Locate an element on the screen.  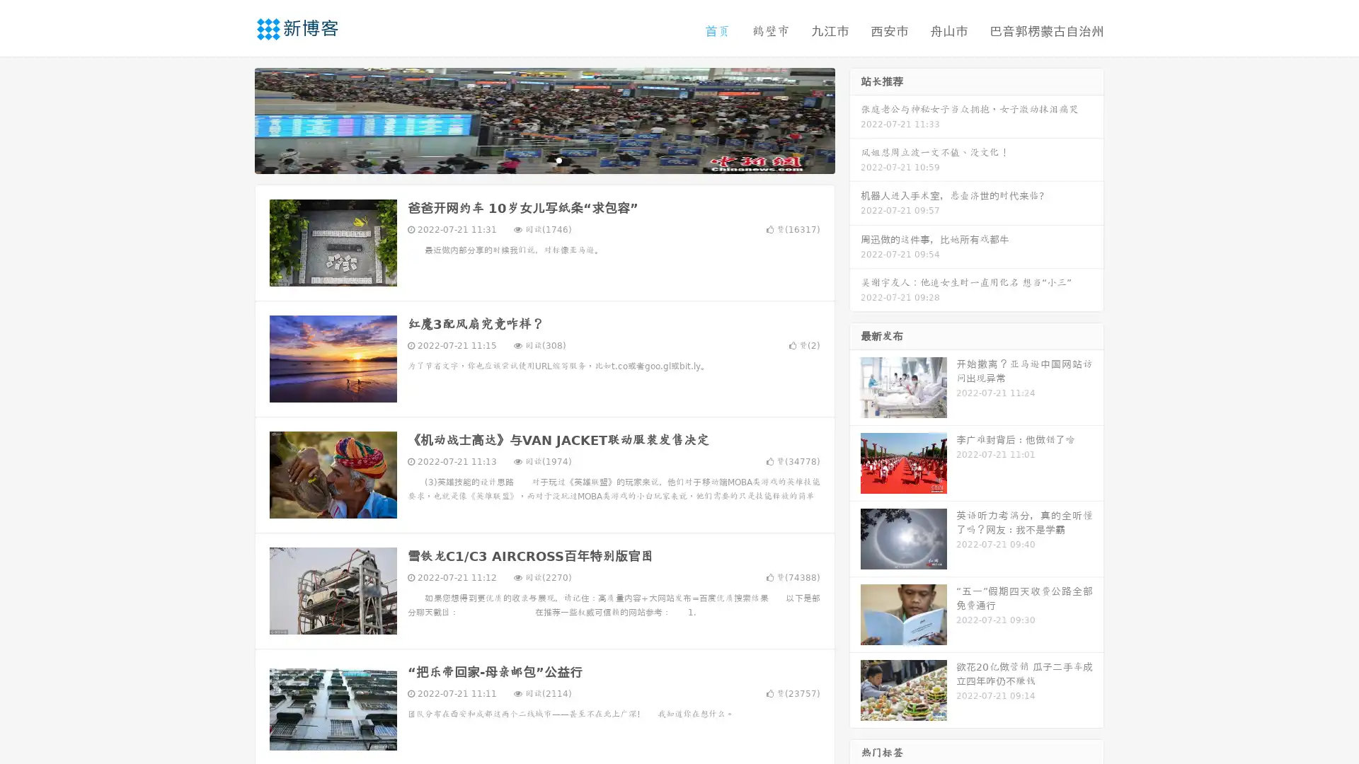
Next slide is located at coordinates (855, 119).